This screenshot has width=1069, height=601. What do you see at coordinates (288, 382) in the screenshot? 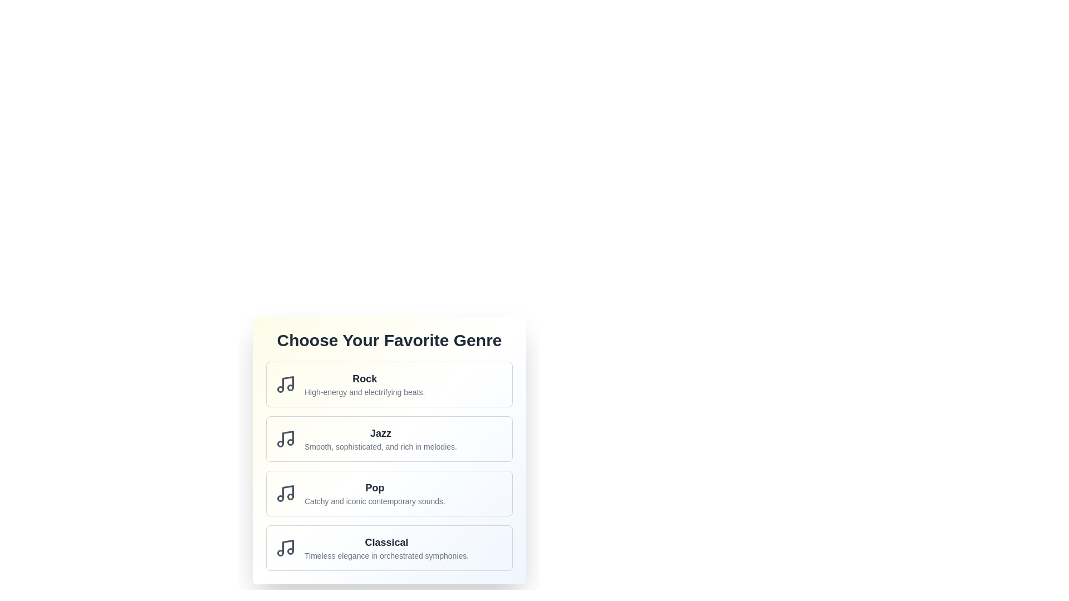
I see `the graphical icon representing the vertical line of the music note indicating the 'Rock' music genre in the selection interface` at bounding box center [288, 382].